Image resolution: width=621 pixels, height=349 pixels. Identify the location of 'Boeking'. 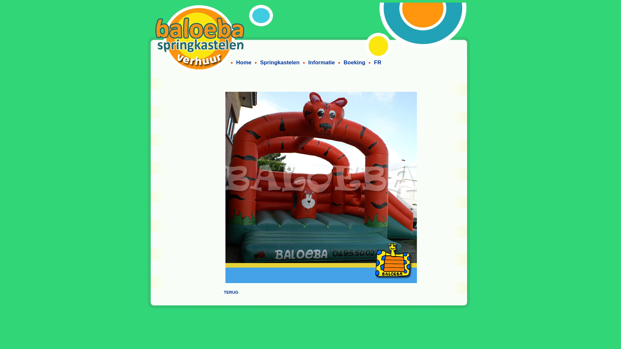
(354, 62).